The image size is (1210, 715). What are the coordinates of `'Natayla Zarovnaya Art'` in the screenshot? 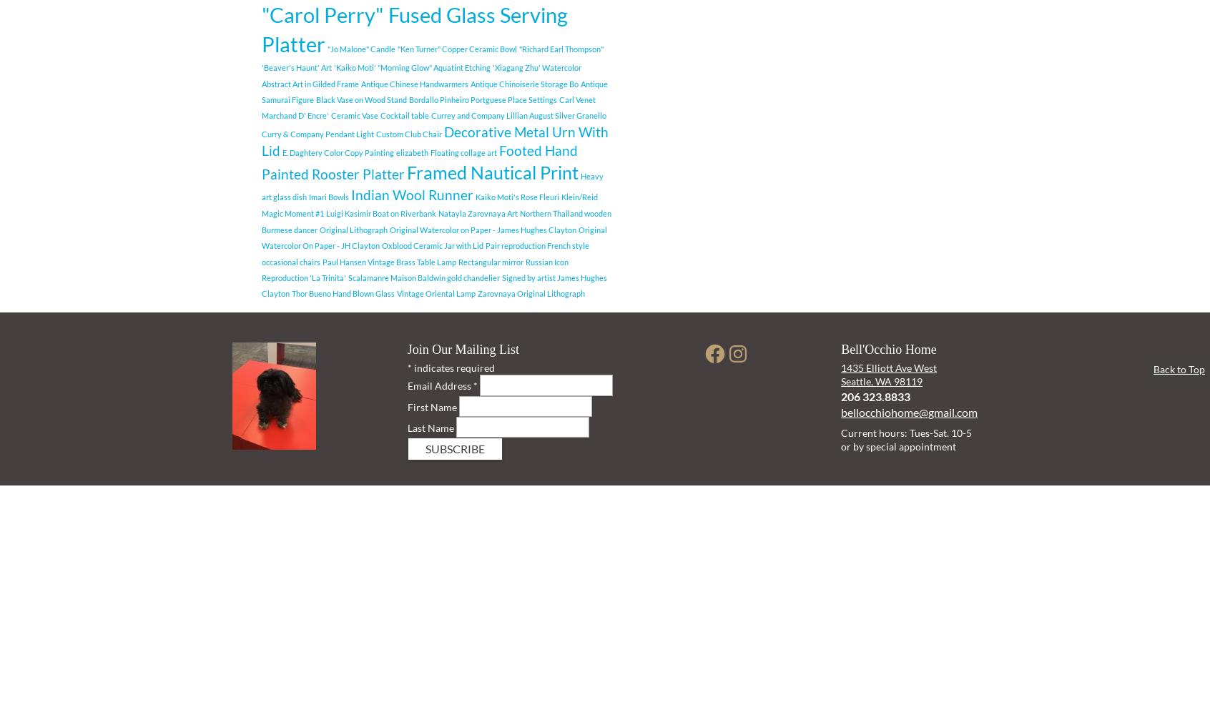 It's located at (478, 213).